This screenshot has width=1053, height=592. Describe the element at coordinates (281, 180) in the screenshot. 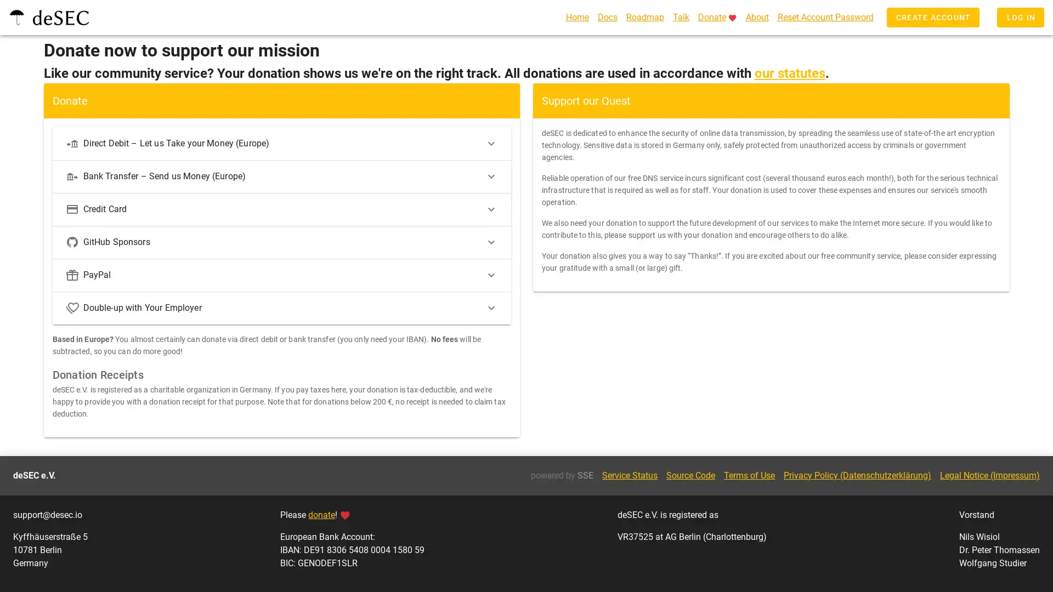

I see `Bank Transfer  Send us Money (Europe)` at that location.